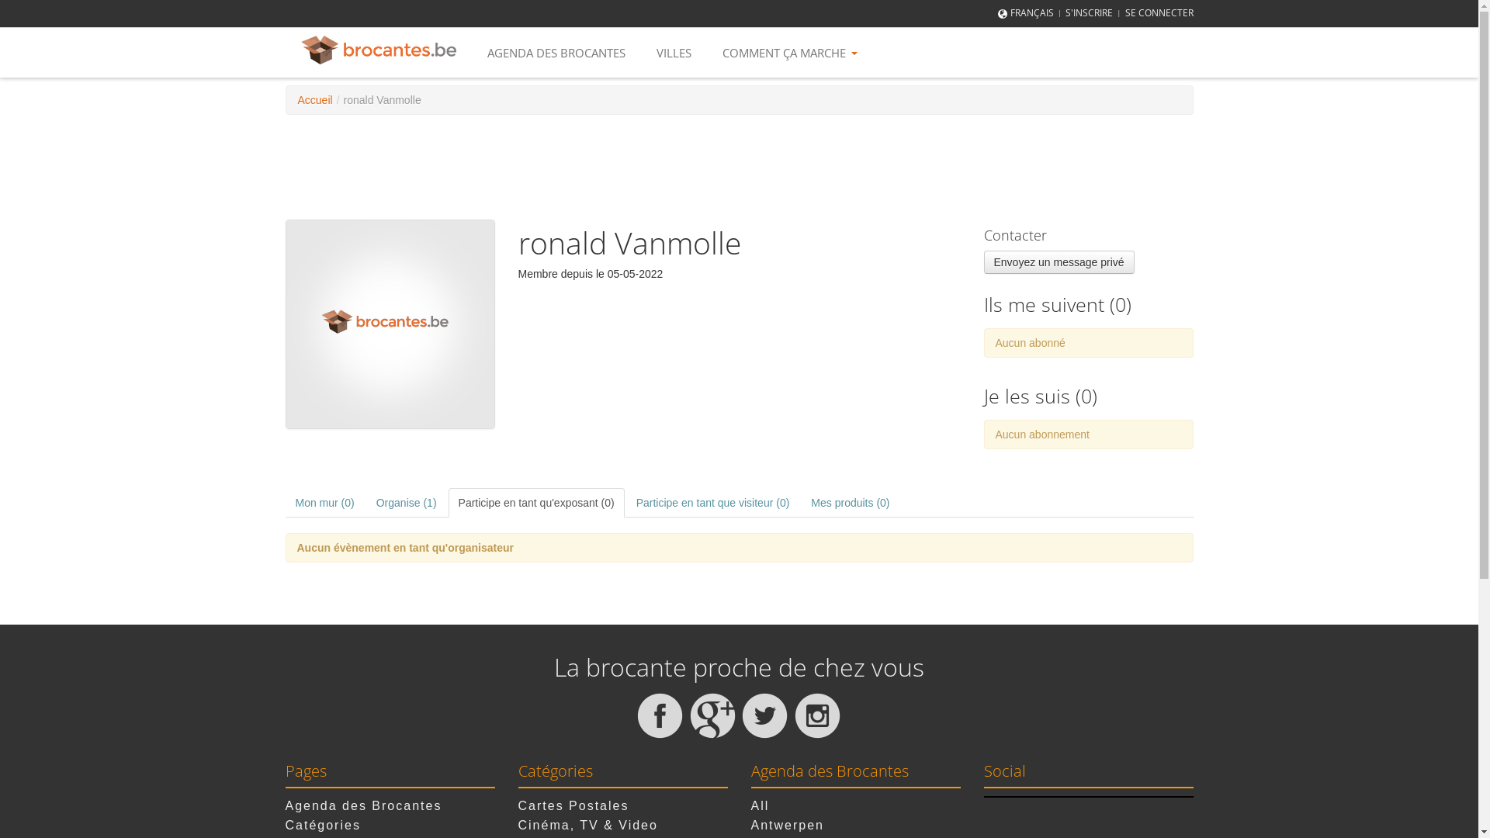 Image resolution: width=1490 pixels, height=838 pixels. I want to click on 'VILLES', so click(674, 52).